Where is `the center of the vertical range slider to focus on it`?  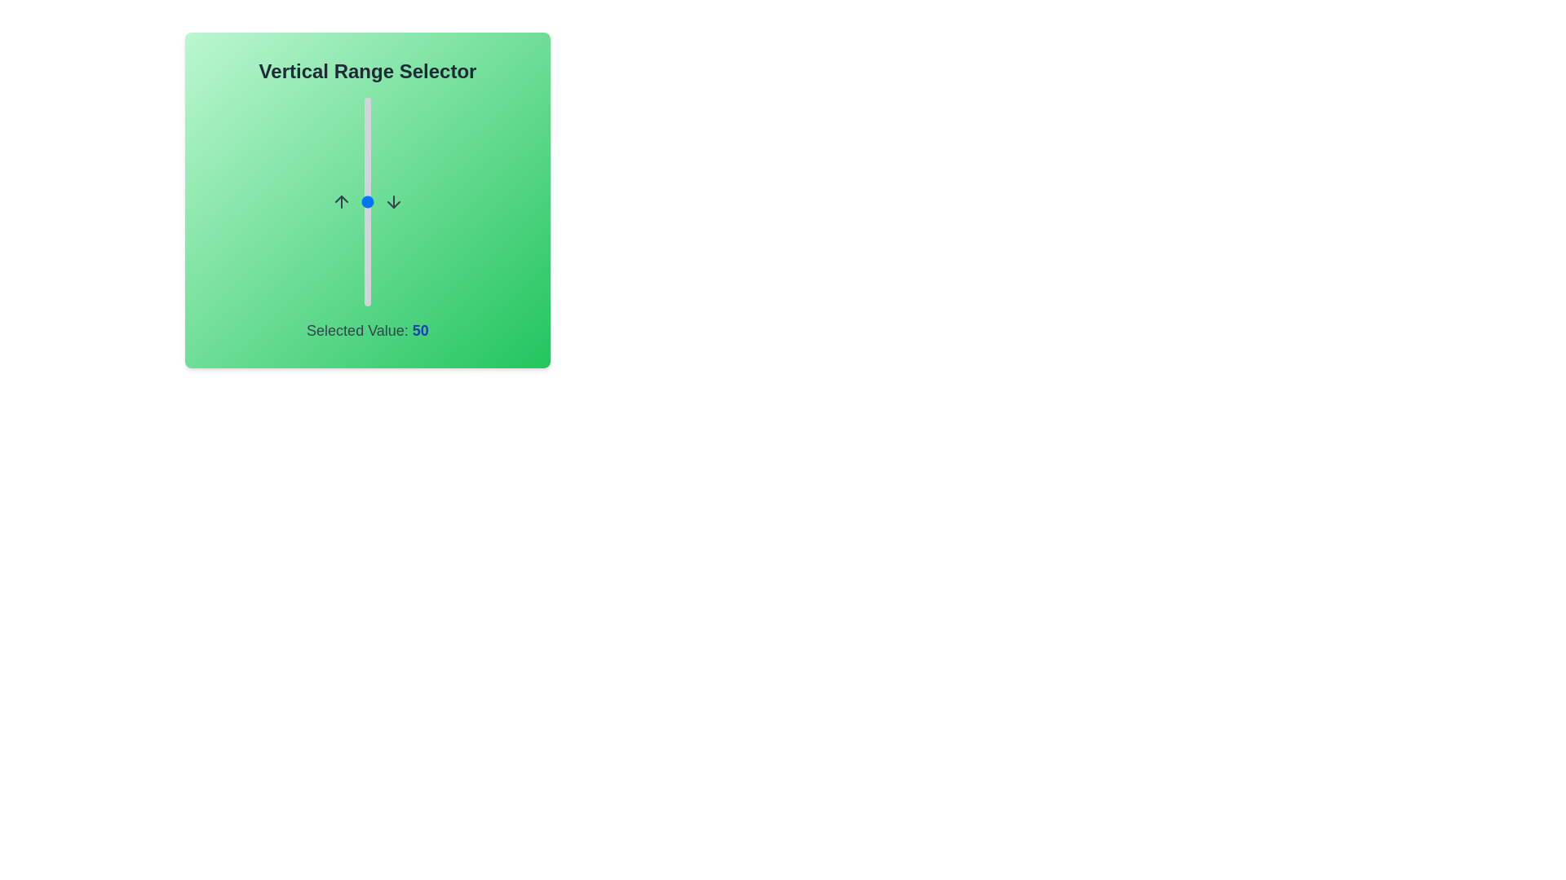
the center of the vertical range slider to focus on it is located at coordinates (367, 200).